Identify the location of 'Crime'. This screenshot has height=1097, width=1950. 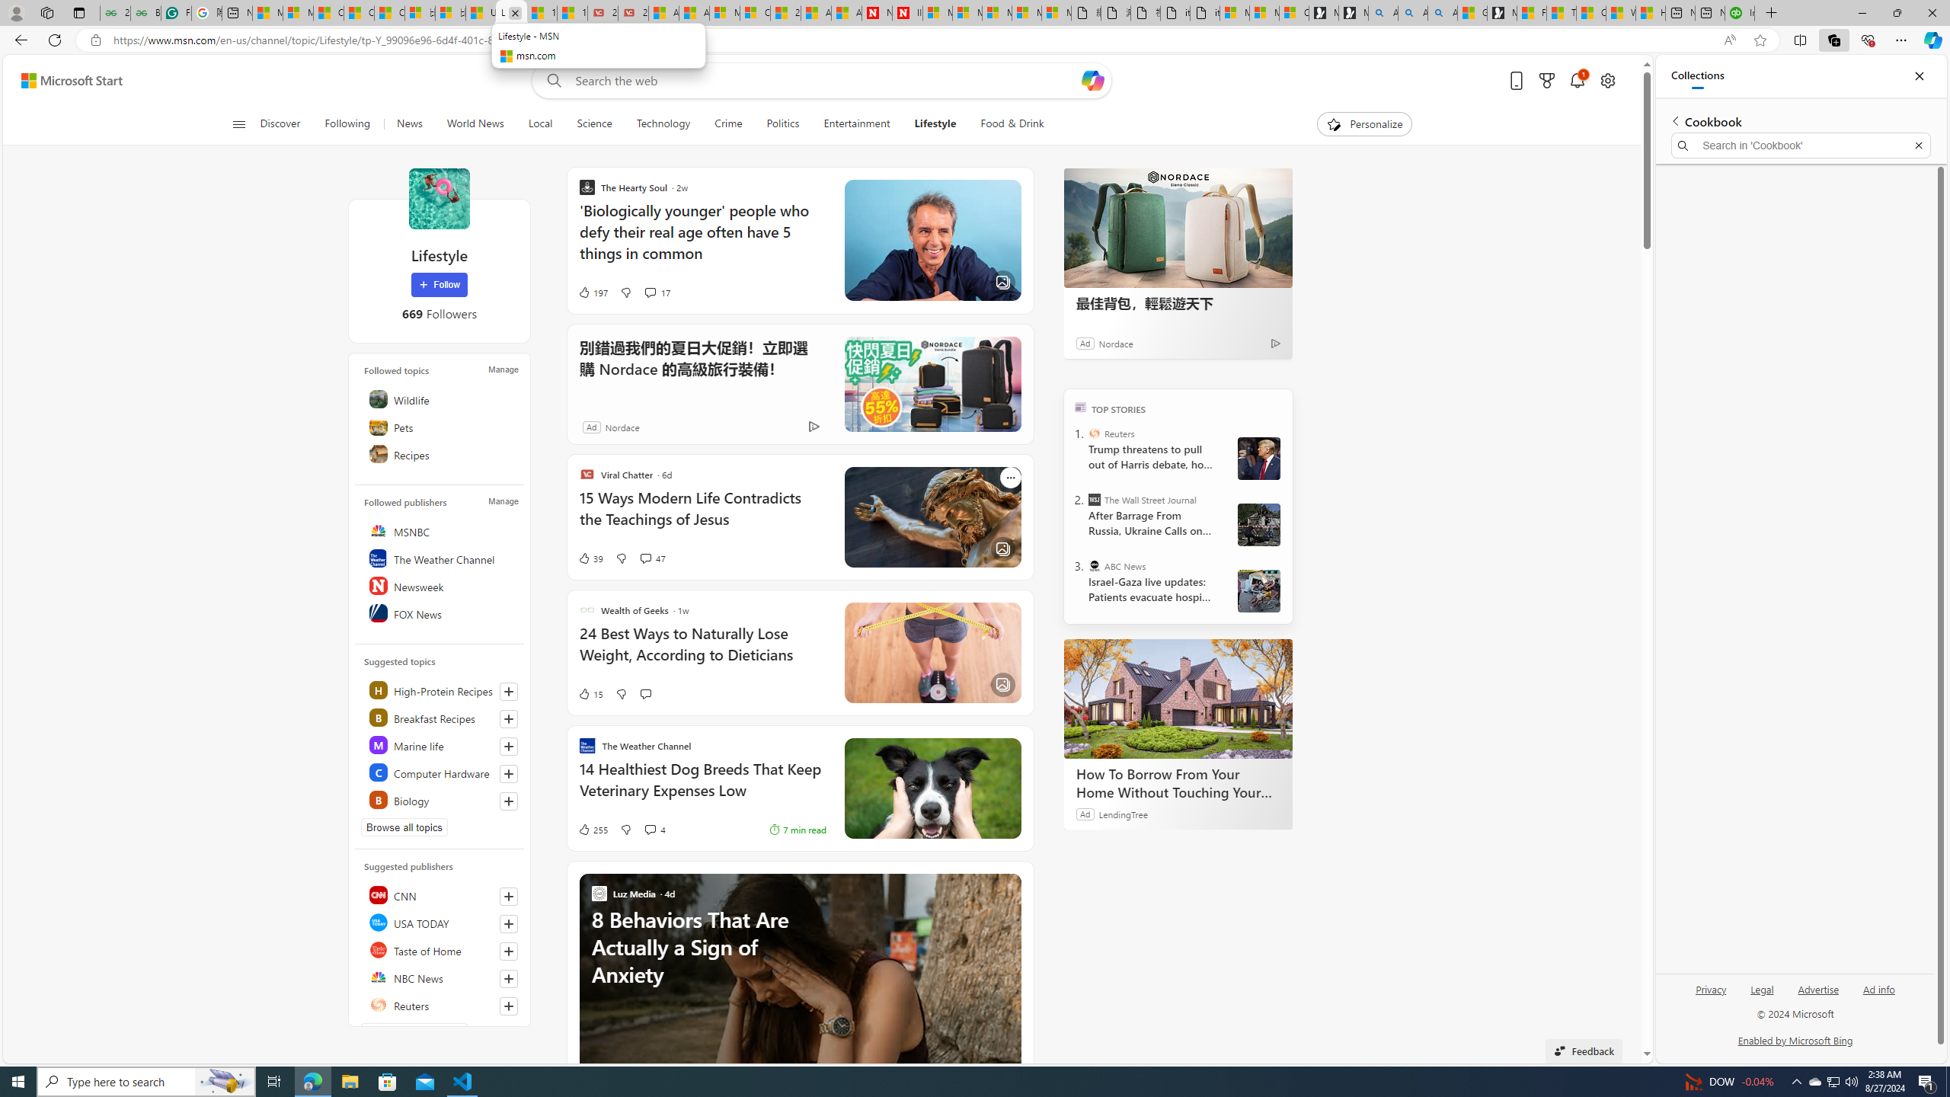
(727, 123).